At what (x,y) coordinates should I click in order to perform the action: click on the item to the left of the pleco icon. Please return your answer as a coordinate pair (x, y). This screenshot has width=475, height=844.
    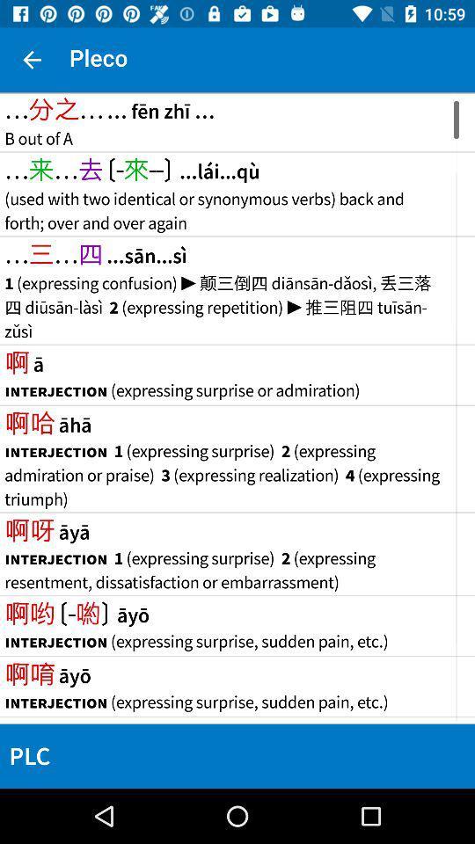
    Looking at the image, I should click on (32, 60).